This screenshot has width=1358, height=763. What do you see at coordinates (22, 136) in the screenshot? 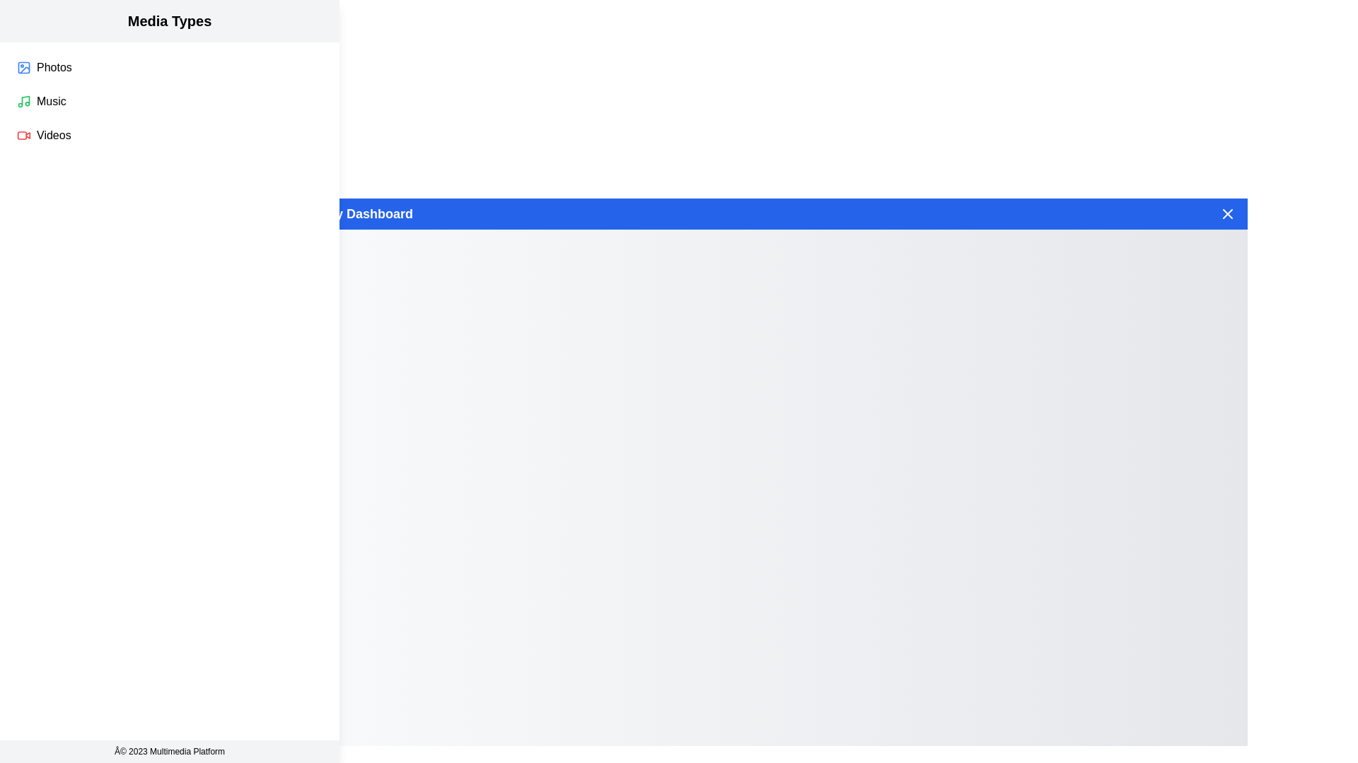
I see `the decorative SVG graphic element representing the 'Videos' section in the sidebar, located to the left of the 'Videos' text label` at bounding box center [22, 136].